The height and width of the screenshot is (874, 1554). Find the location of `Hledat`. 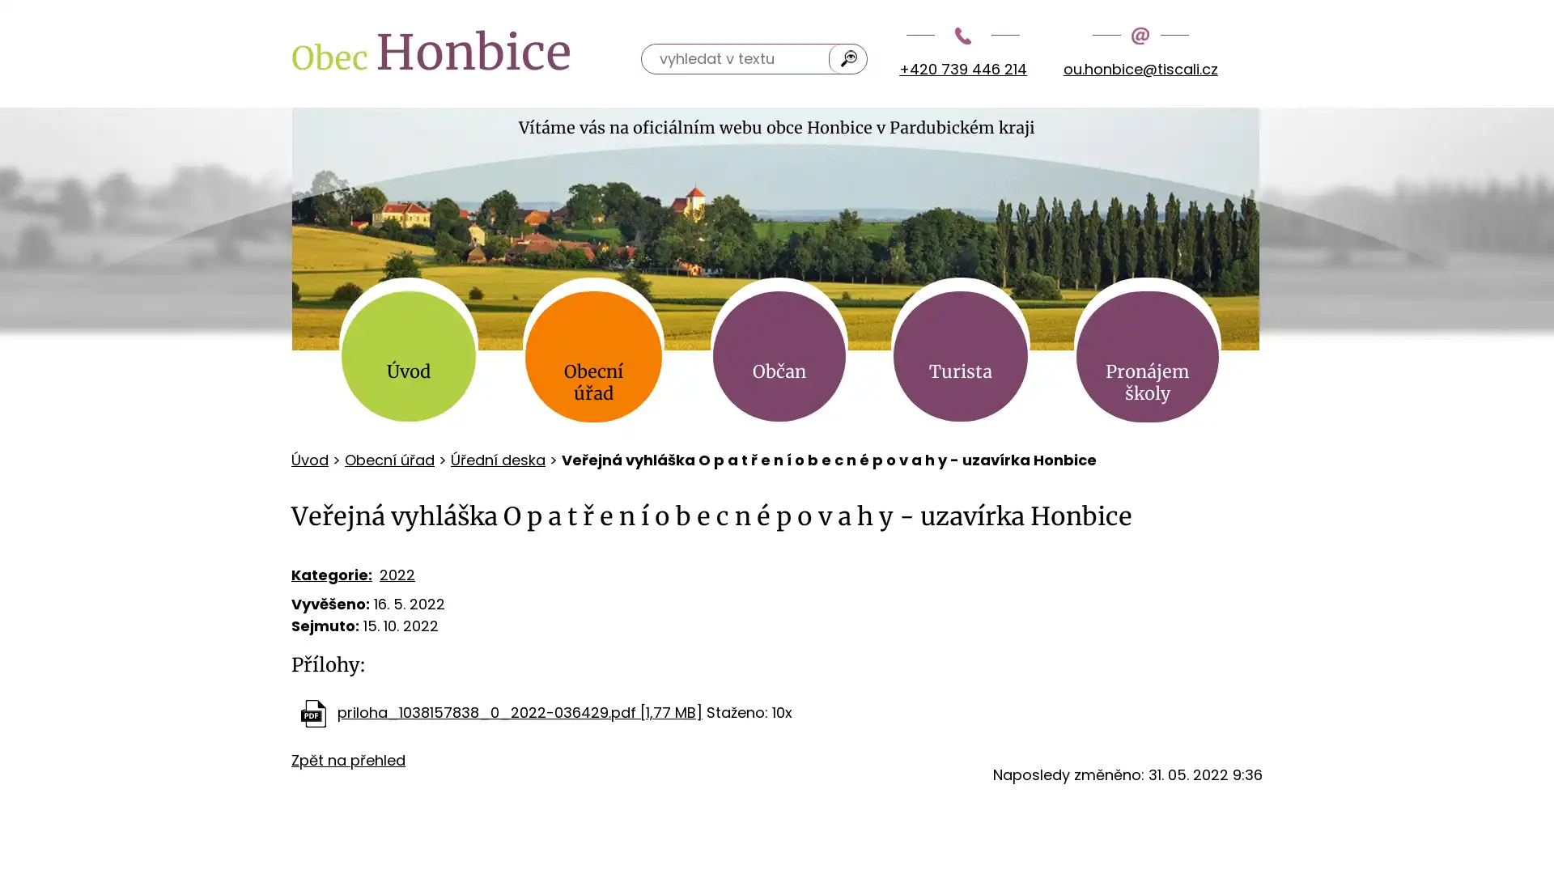

Hledat is located at coordinates (848, 57).